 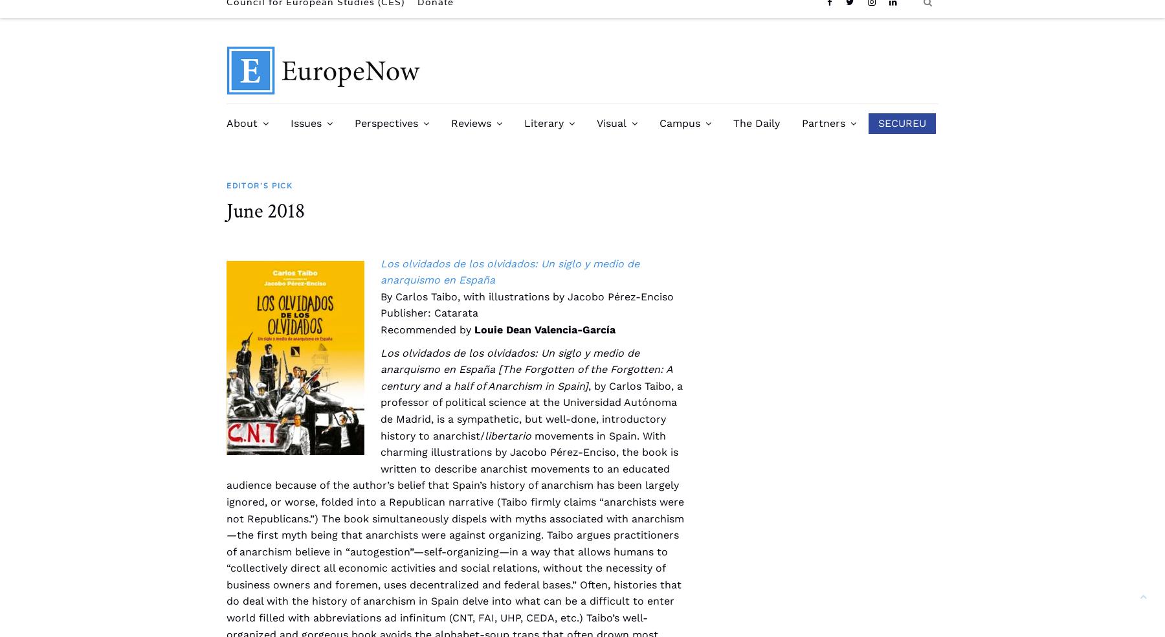 I want to click on 'COVID-19 Series', so click(x=395, y=273).